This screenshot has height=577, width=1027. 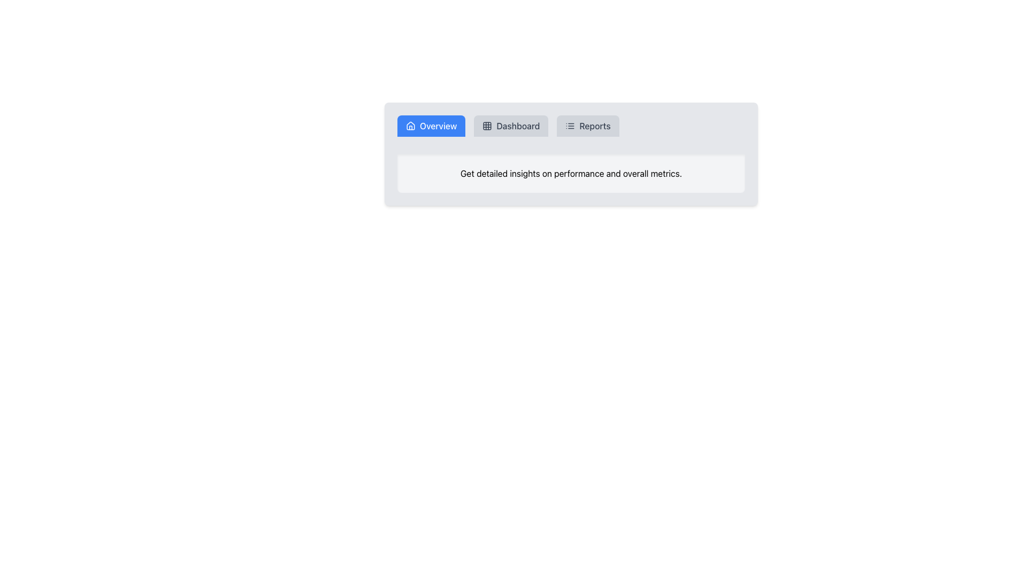 What do you see at coordinates (518, 125) in the screenshot?
I see `the 'Dashboard' text label, which is styled in medium font weight and dark gray color, located in the horizontal navigation bar between 'Overview' and 'Reports'` at bounding box center [518, 125].